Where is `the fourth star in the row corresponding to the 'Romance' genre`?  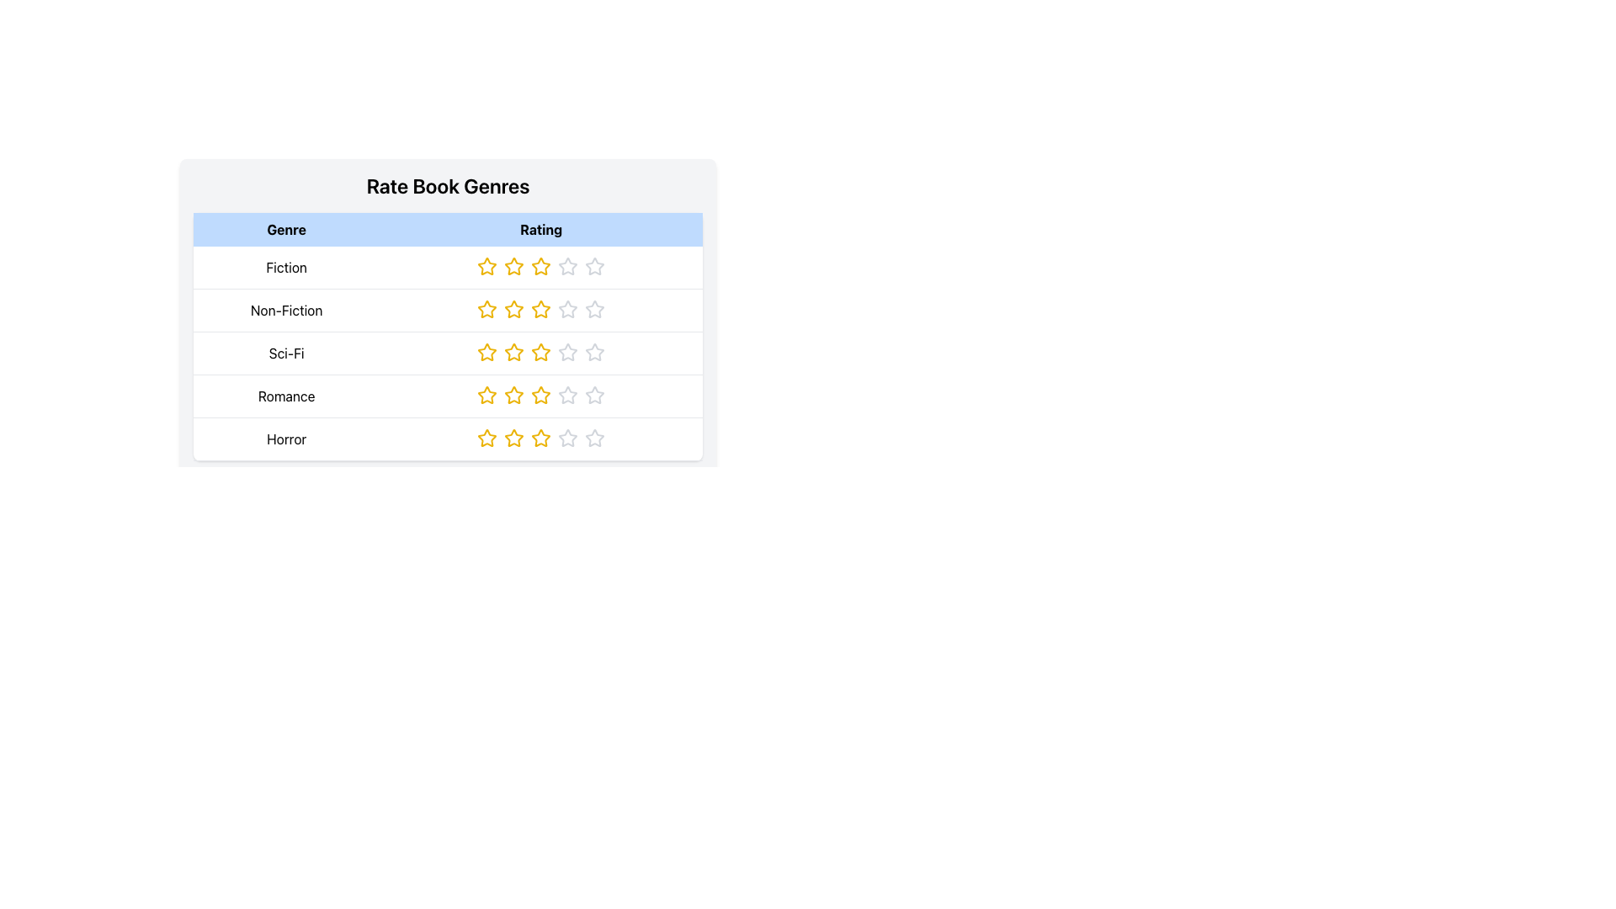
the fourth star in the row corresponding to the 'Romance' genre is located at coordinates (568, 396).